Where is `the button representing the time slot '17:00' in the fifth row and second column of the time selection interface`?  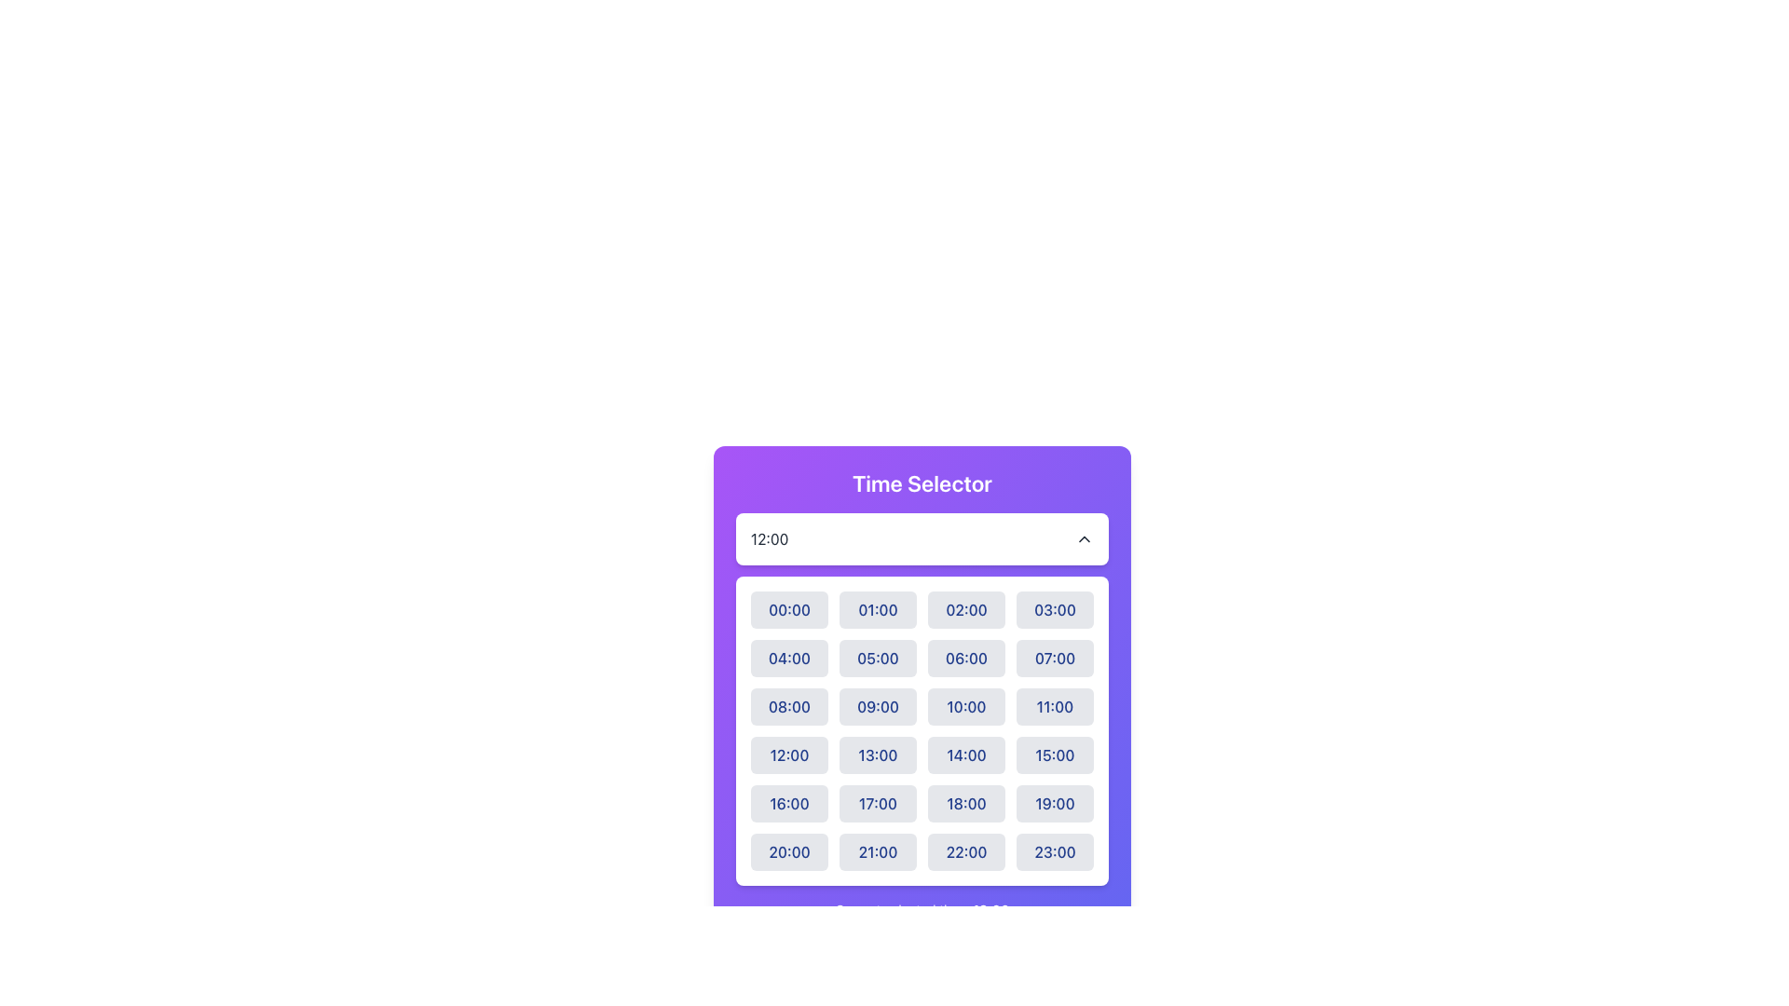
the button representing the time slot '17:00' in the fifth row and second column of the time selection interface is located at coordinates (877, 803).